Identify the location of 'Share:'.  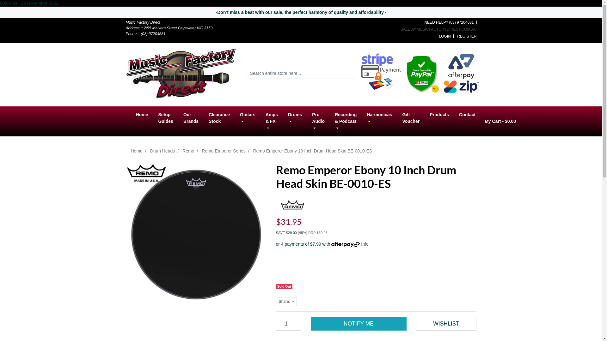
(286, 301).